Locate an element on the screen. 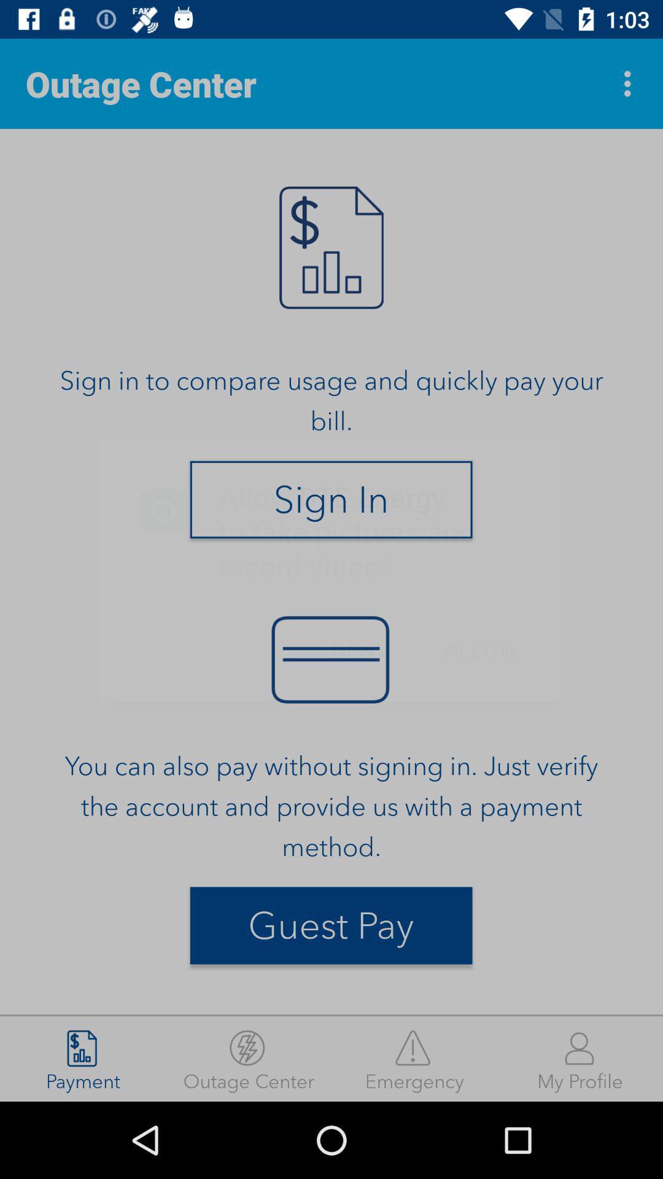 The width and height of the screenshot is (663, 1179). the item next to outage center item is located at coordinates (414, 1058).